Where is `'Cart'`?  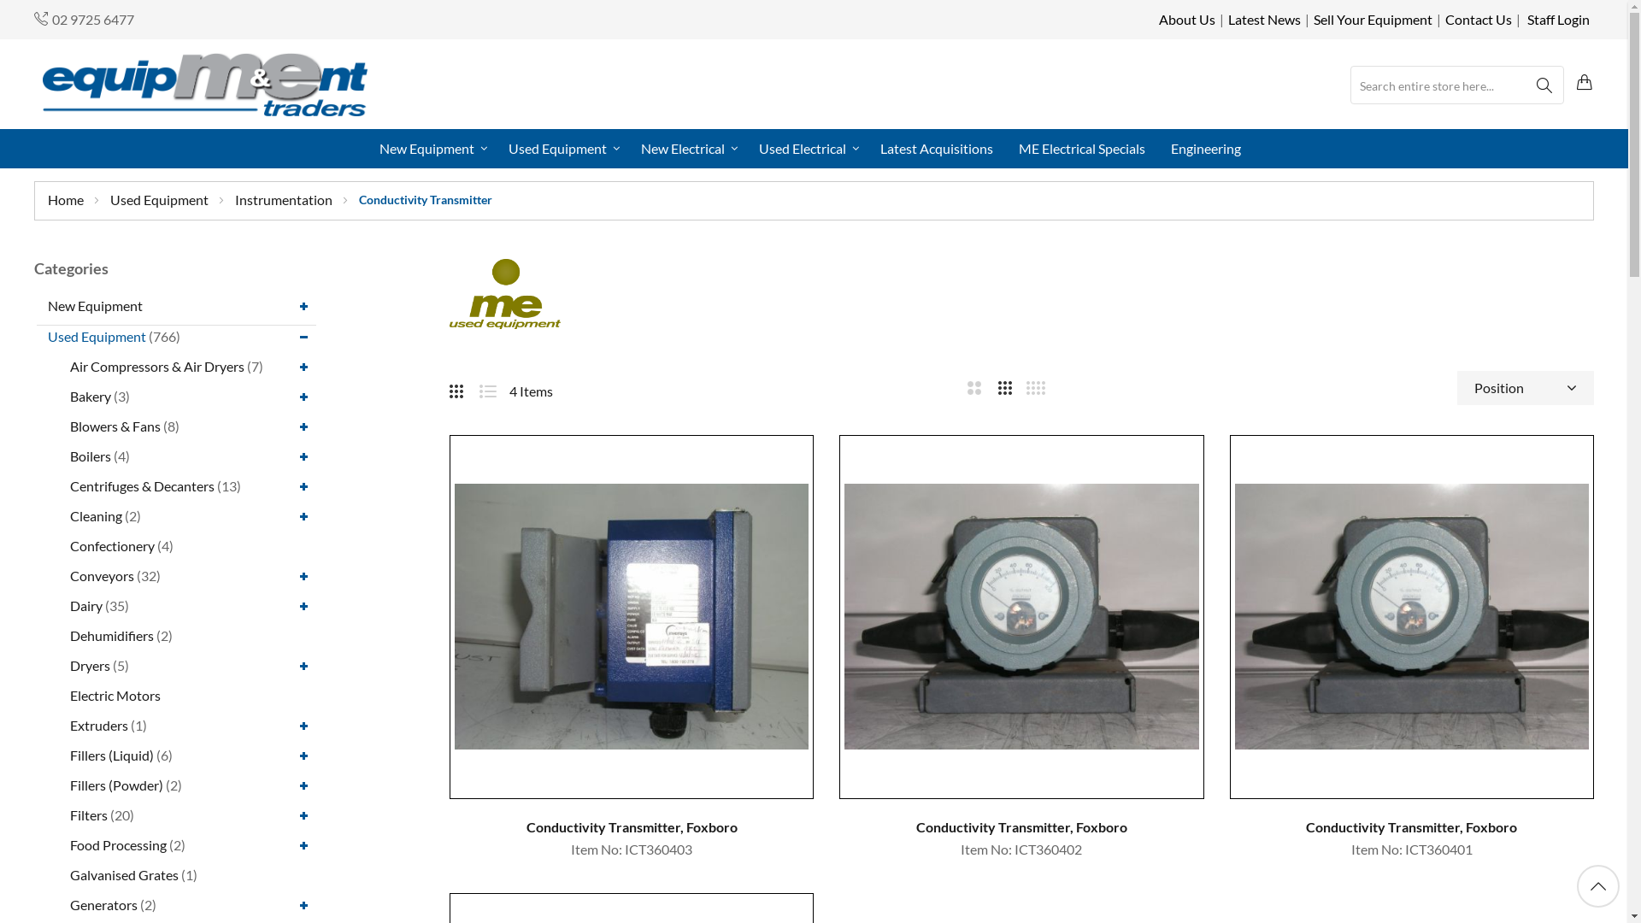 'Cart' is located at coordinates (1584, 83).